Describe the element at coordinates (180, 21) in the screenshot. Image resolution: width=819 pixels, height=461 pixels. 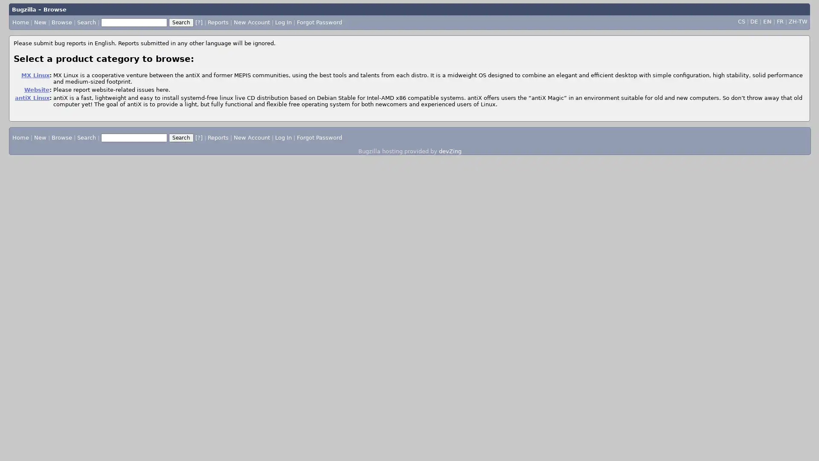
I see `Search` at that location.